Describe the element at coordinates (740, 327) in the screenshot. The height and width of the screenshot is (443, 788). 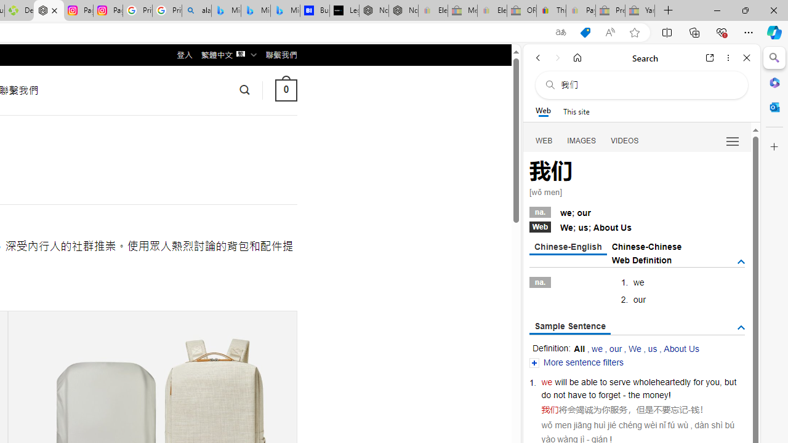
I see `'AutomationID: tgdef_sen'` at that location.